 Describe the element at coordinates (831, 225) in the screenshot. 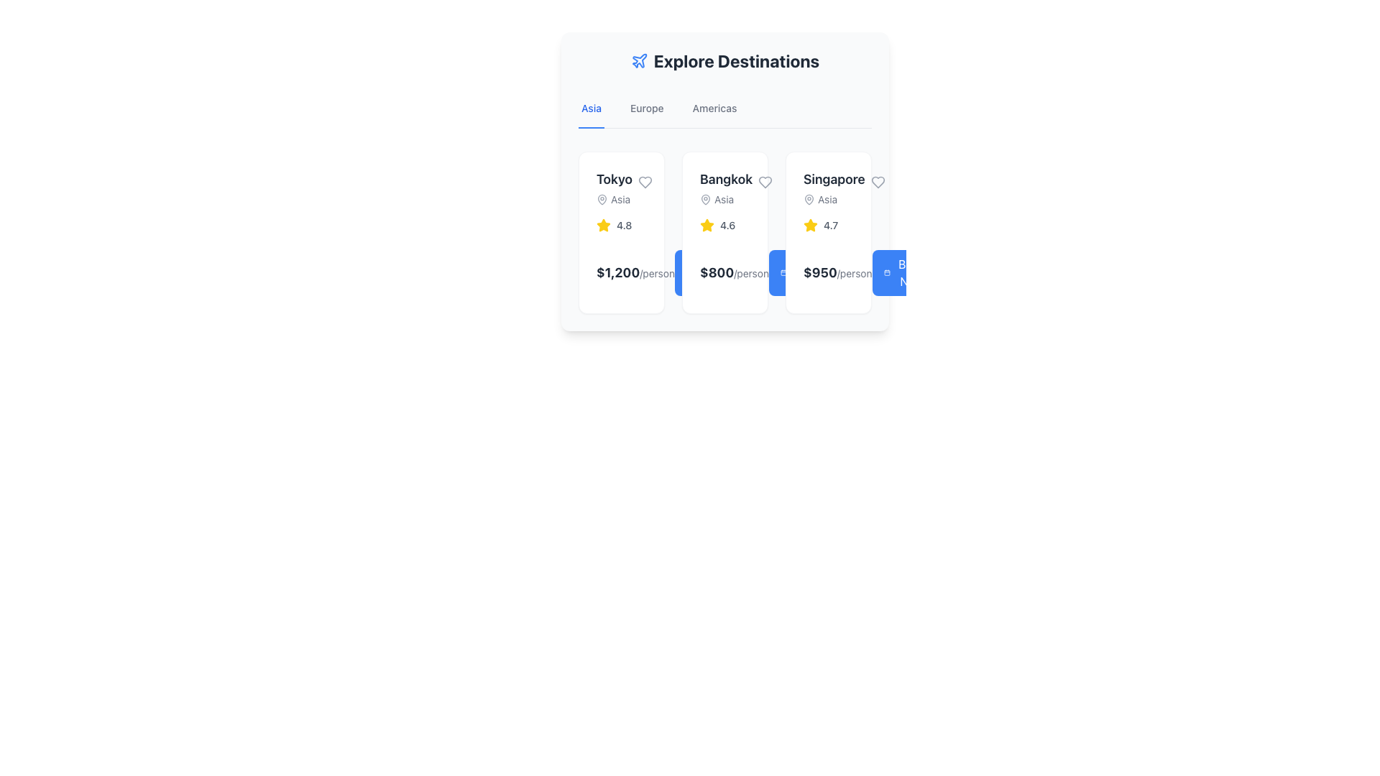

I see `rating information displayed as '4.7' in gray color, positioned to the right of the yellow star icon in the bottom section of the card labeled 'Singapore'` at that location.